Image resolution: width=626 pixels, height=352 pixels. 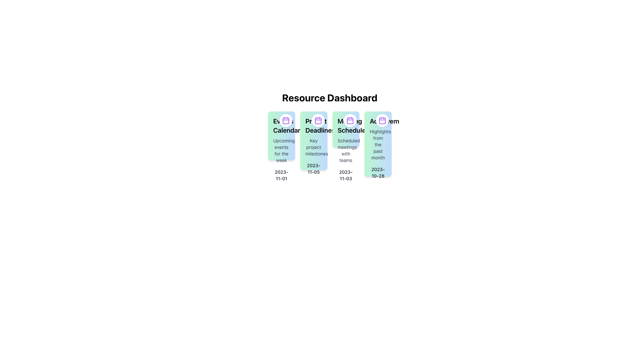 I want to click on the icon button located at the top-right corner of the card displaying project deadlines, so click(x=318, y=121).